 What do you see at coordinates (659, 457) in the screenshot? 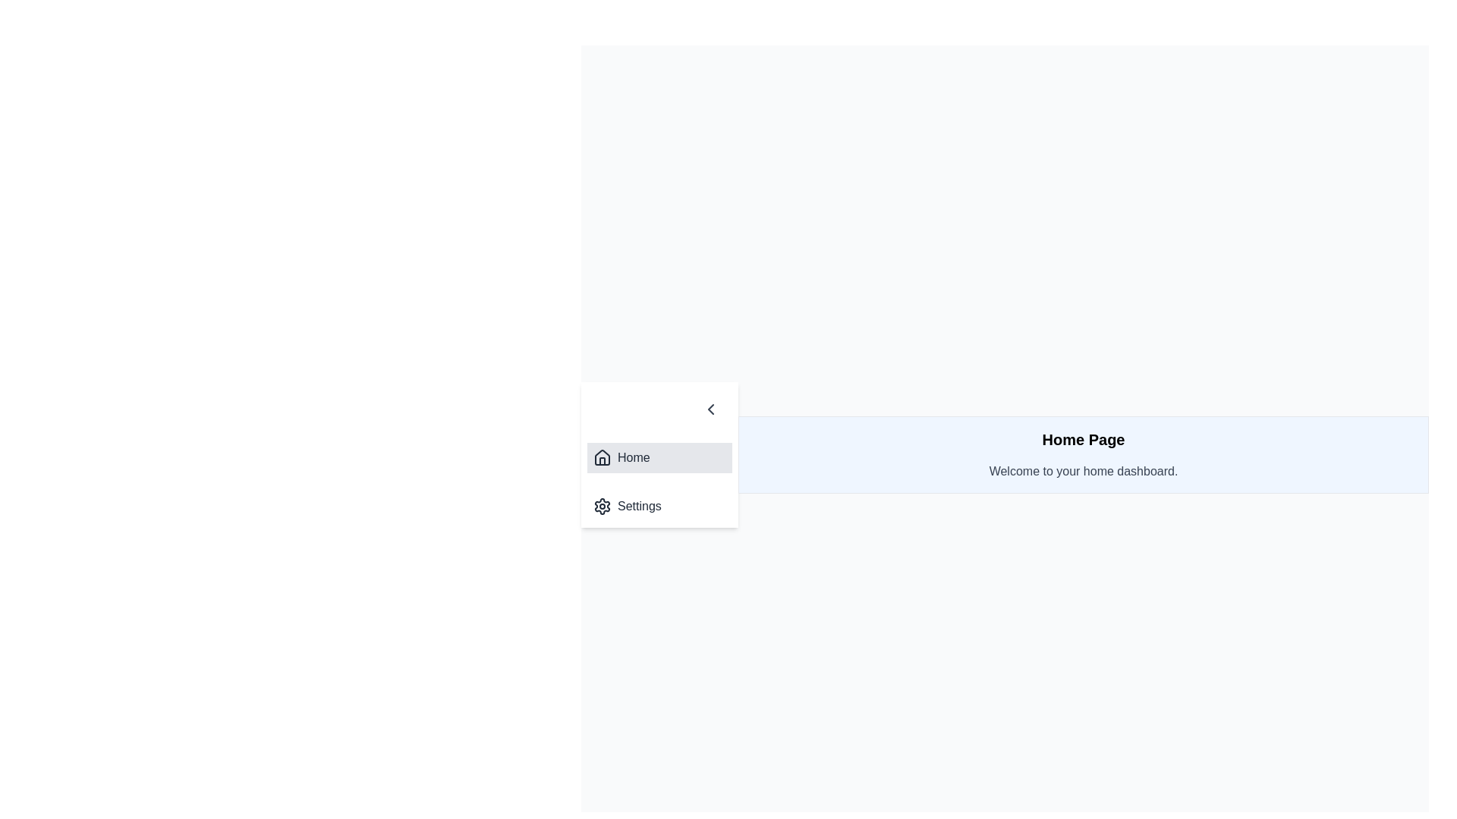
I see `the first horizontal menu item in the vertical navigation list` at bounding box center [659, 457].